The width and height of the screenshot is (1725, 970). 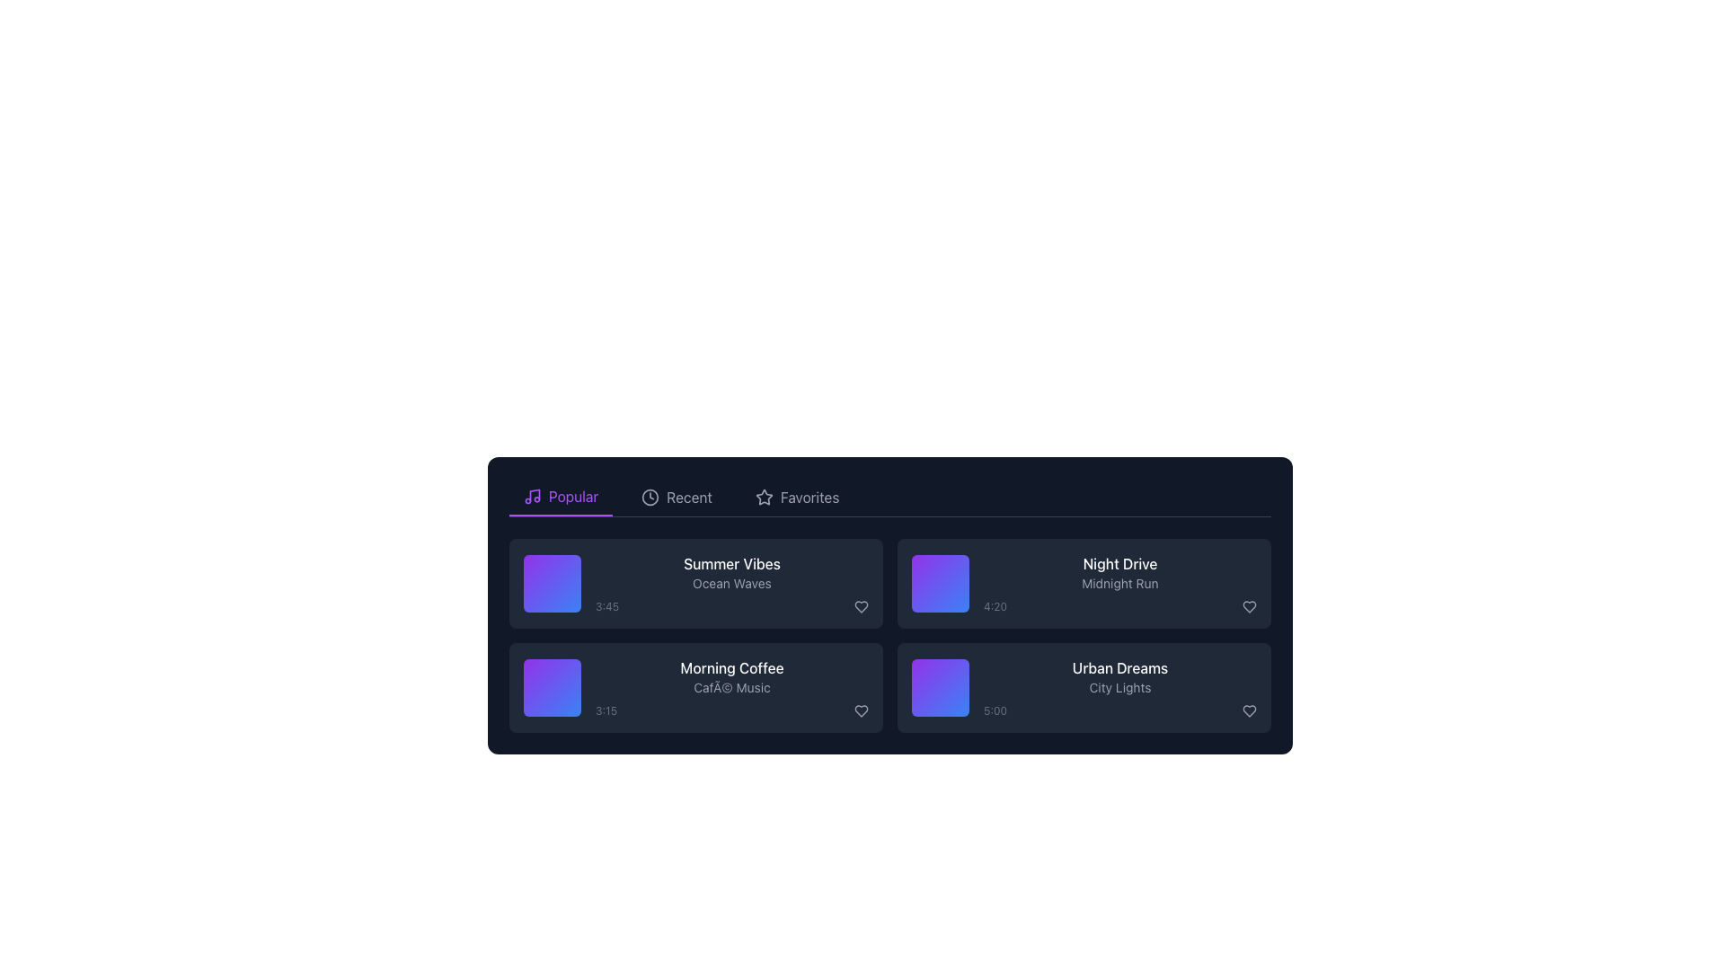 I want to click on the button in the bottom-right corner of the 'Morning Coffee' card, so click(x=861, y=710).